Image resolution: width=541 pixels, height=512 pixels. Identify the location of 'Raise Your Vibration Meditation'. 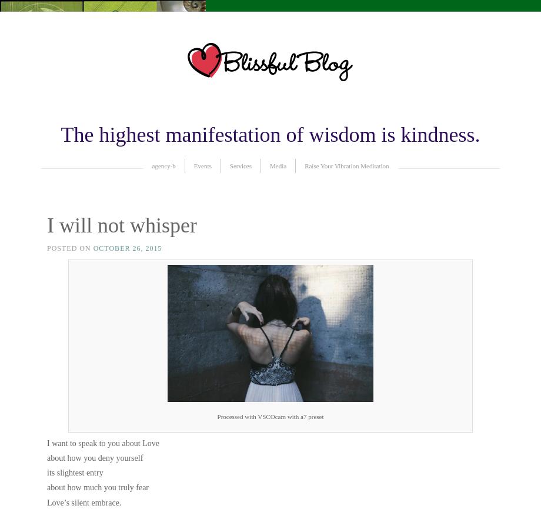
(346, 165).